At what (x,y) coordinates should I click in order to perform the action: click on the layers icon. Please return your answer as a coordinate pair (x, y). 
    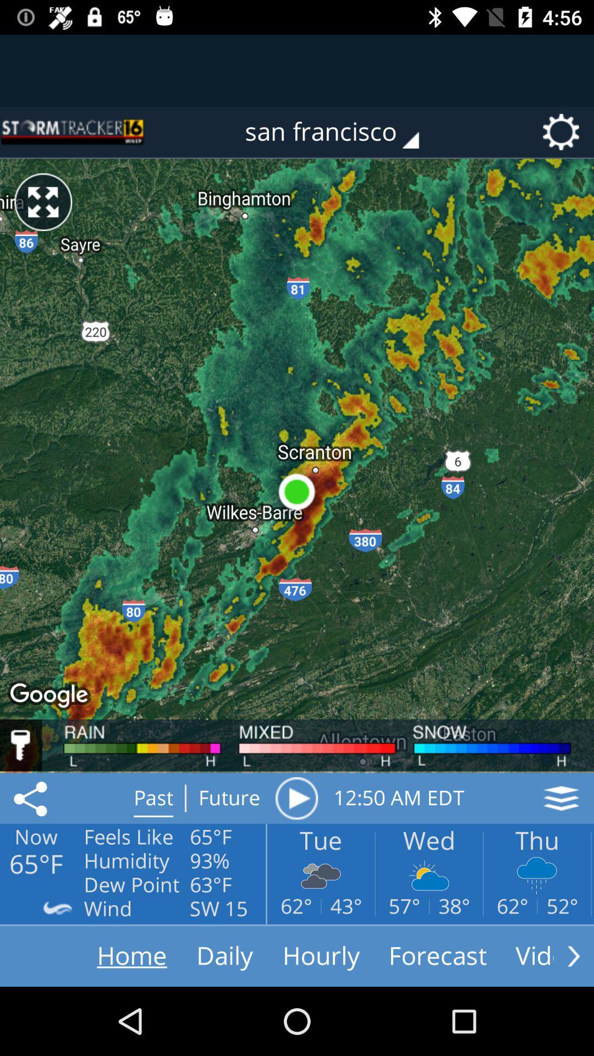
    Looking at the image, I should click on (561, 798).